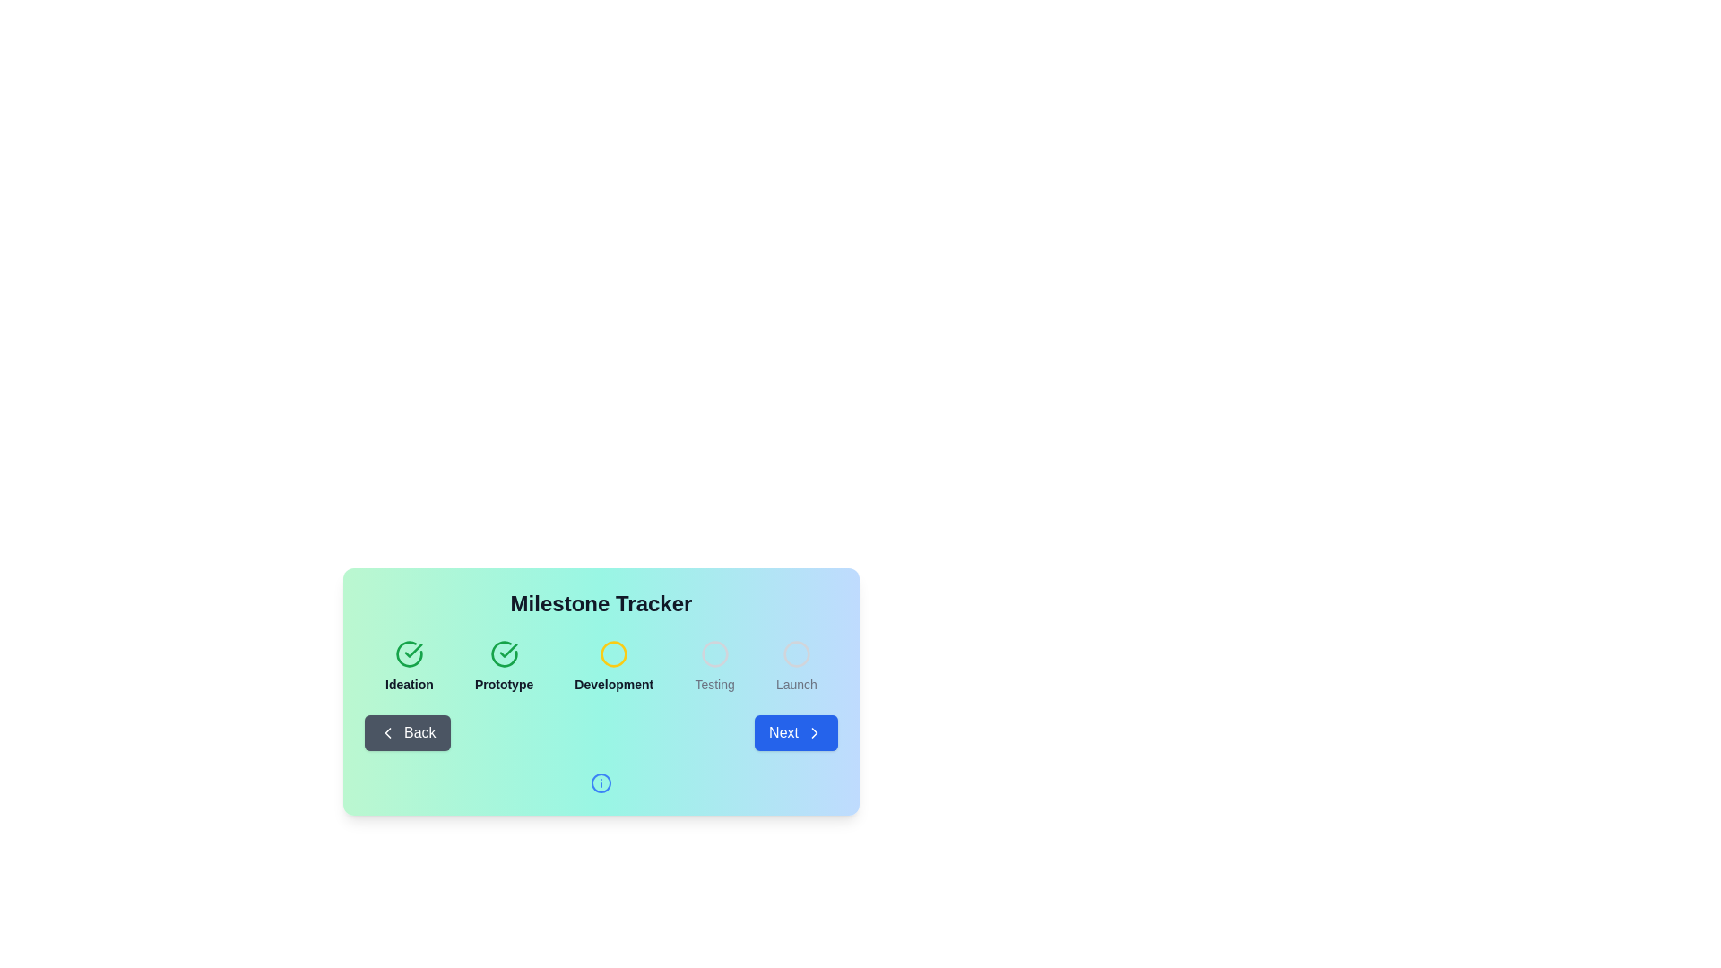 The image size is (1721, 968). What do you see at coordinates (614, 653) in the screenshot?
I see `the decorative graphic indicator for the milestone labeled 'Development', which is the third item in the row of milestone indicators` at bounding box center [614, 653].